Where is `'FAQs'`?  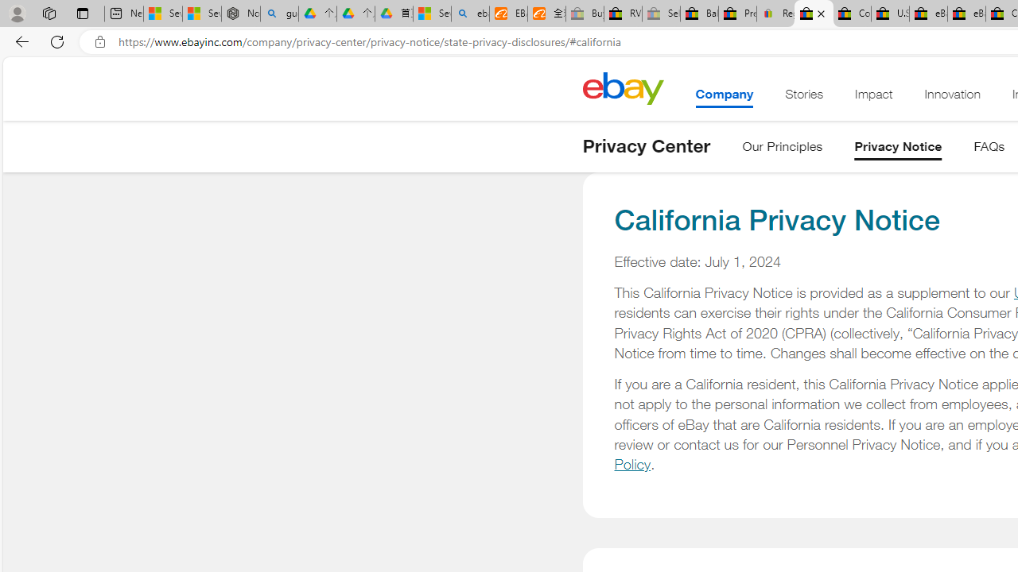
'FAQs' is located at coordinates (989, 149).